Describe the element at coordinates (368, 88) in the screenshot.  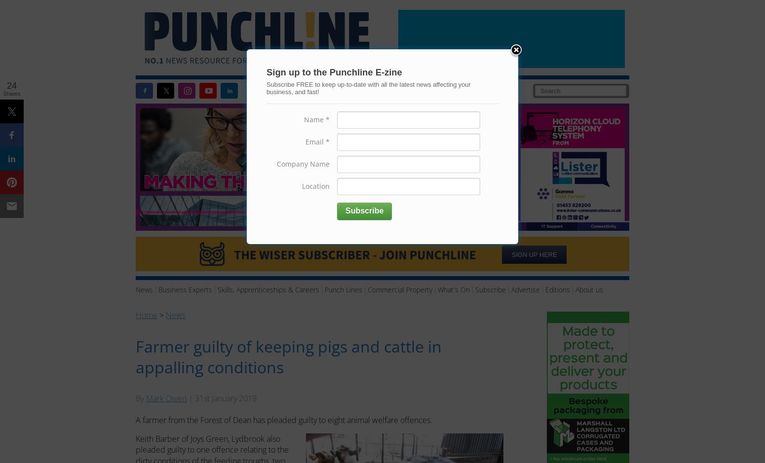
I see `'Subscribe FREE to keep up-to-date with all the latest news affecting your business, and fast!'` at that location.